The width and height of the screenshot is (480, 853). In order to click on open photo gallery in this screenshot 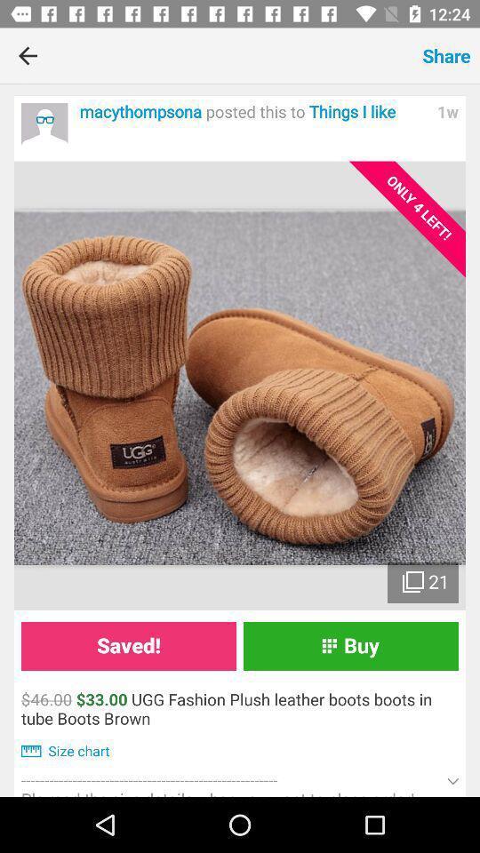, I will do `click(240, 386)`.